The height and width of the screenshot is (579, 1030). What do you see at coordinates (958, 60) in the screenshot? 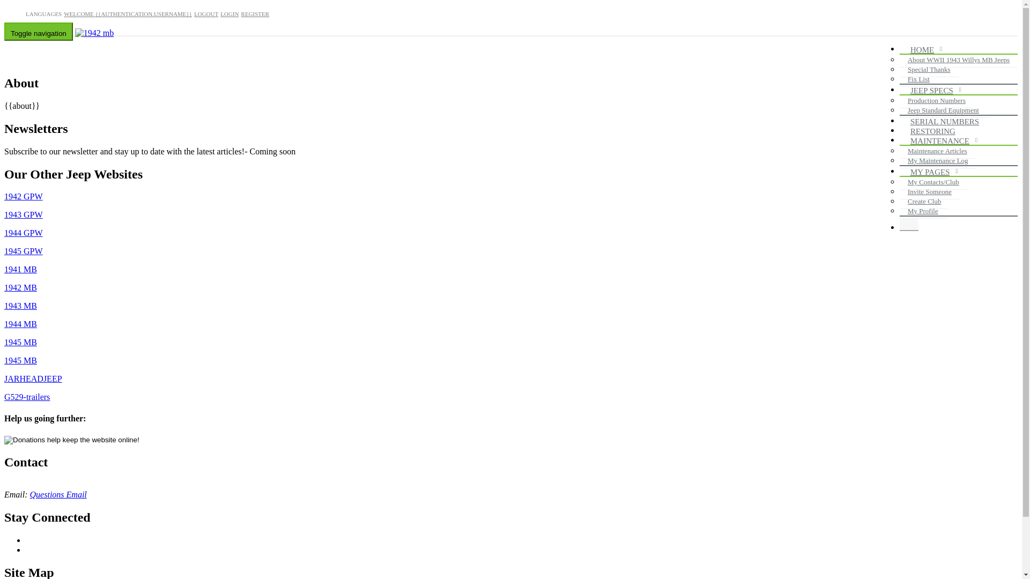
I see `'About WWII 1943 Willys MB Jeeps'` at bounding box center [958, 60].